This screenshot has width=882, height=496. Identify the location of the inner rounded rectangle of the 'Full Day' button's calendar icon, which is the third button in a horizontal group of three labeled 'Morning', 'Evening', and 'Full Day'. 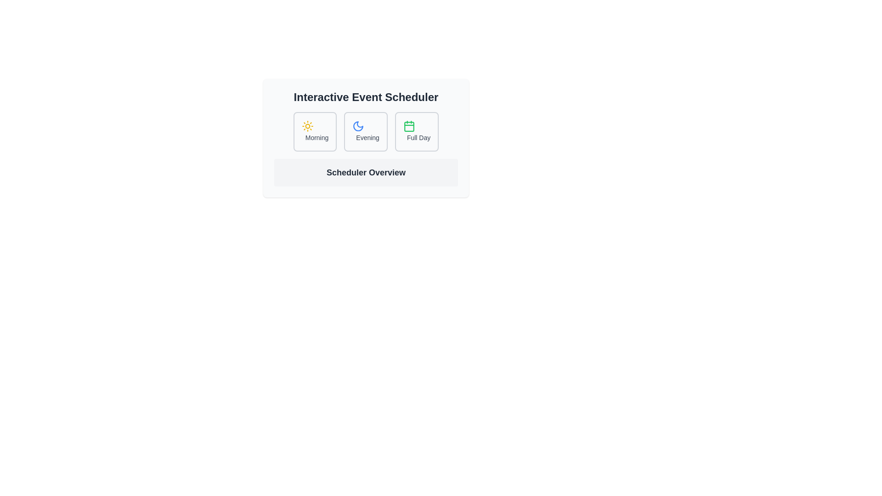
(408, 127).